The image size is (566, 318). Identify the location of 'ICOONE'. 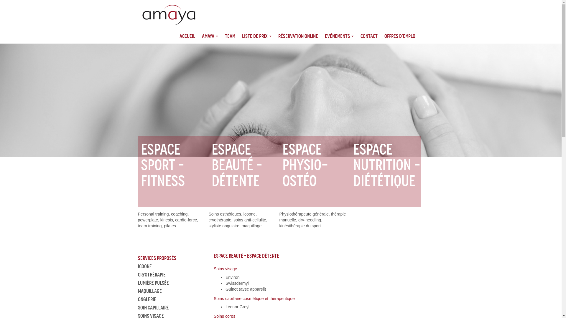
(145, 266).